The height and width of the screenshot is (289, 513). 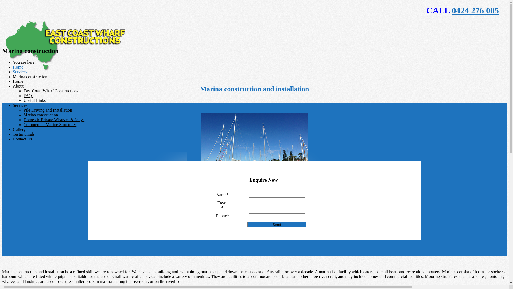 What do you see at coordinates (23, 119) in the screenshot?
I see `'Domestic Private Wharves & Jettys'` at bounding box center [23, 119].